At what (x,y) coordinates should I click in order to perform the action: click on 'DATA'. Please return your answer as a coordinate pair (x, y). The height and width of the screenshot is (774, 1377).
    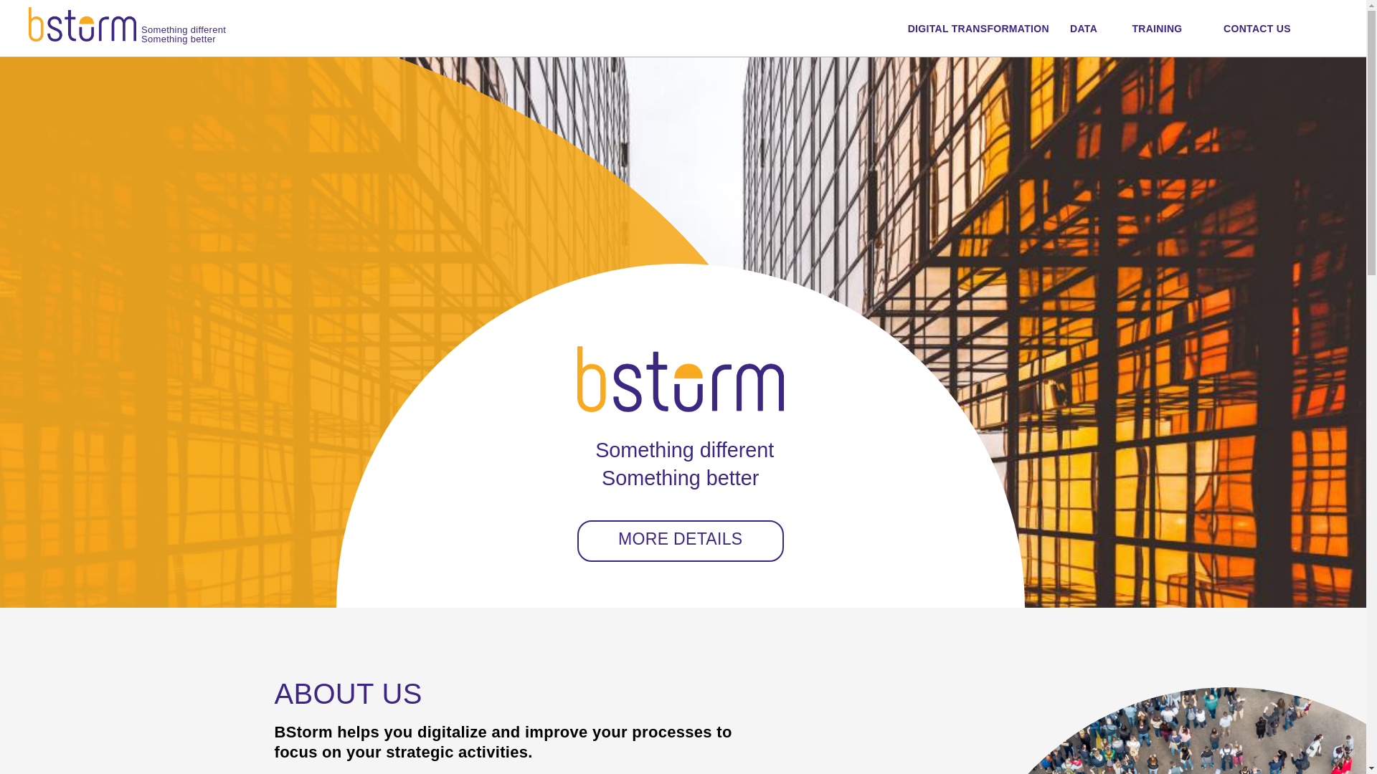
    Looking at the image, I should click on (1084, 28).